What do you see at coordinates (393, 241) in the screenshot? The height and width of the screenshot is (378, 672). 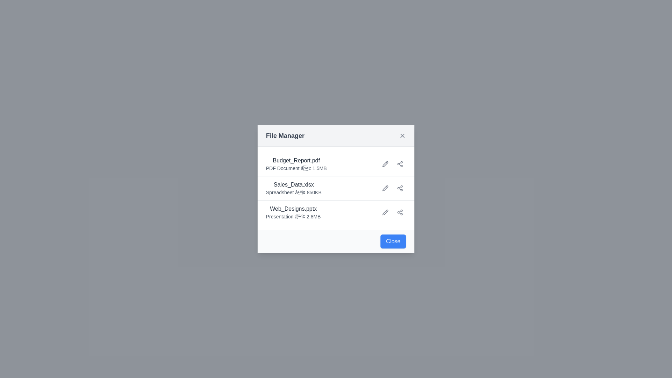 I see `the Close button to close the dialog` at bounding box center [393, 241].